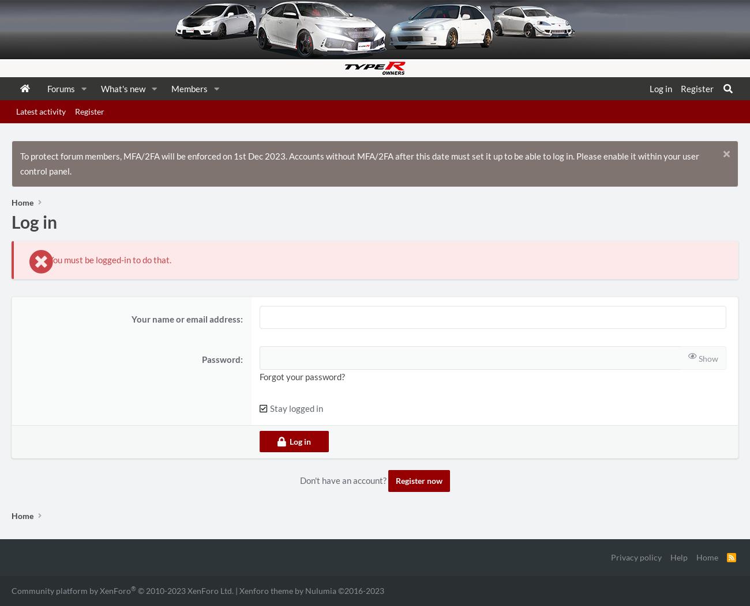 Image resolution: width=750 pixels, height=606 pixels. I want to click on 'Latest activity', so click(40, 111).